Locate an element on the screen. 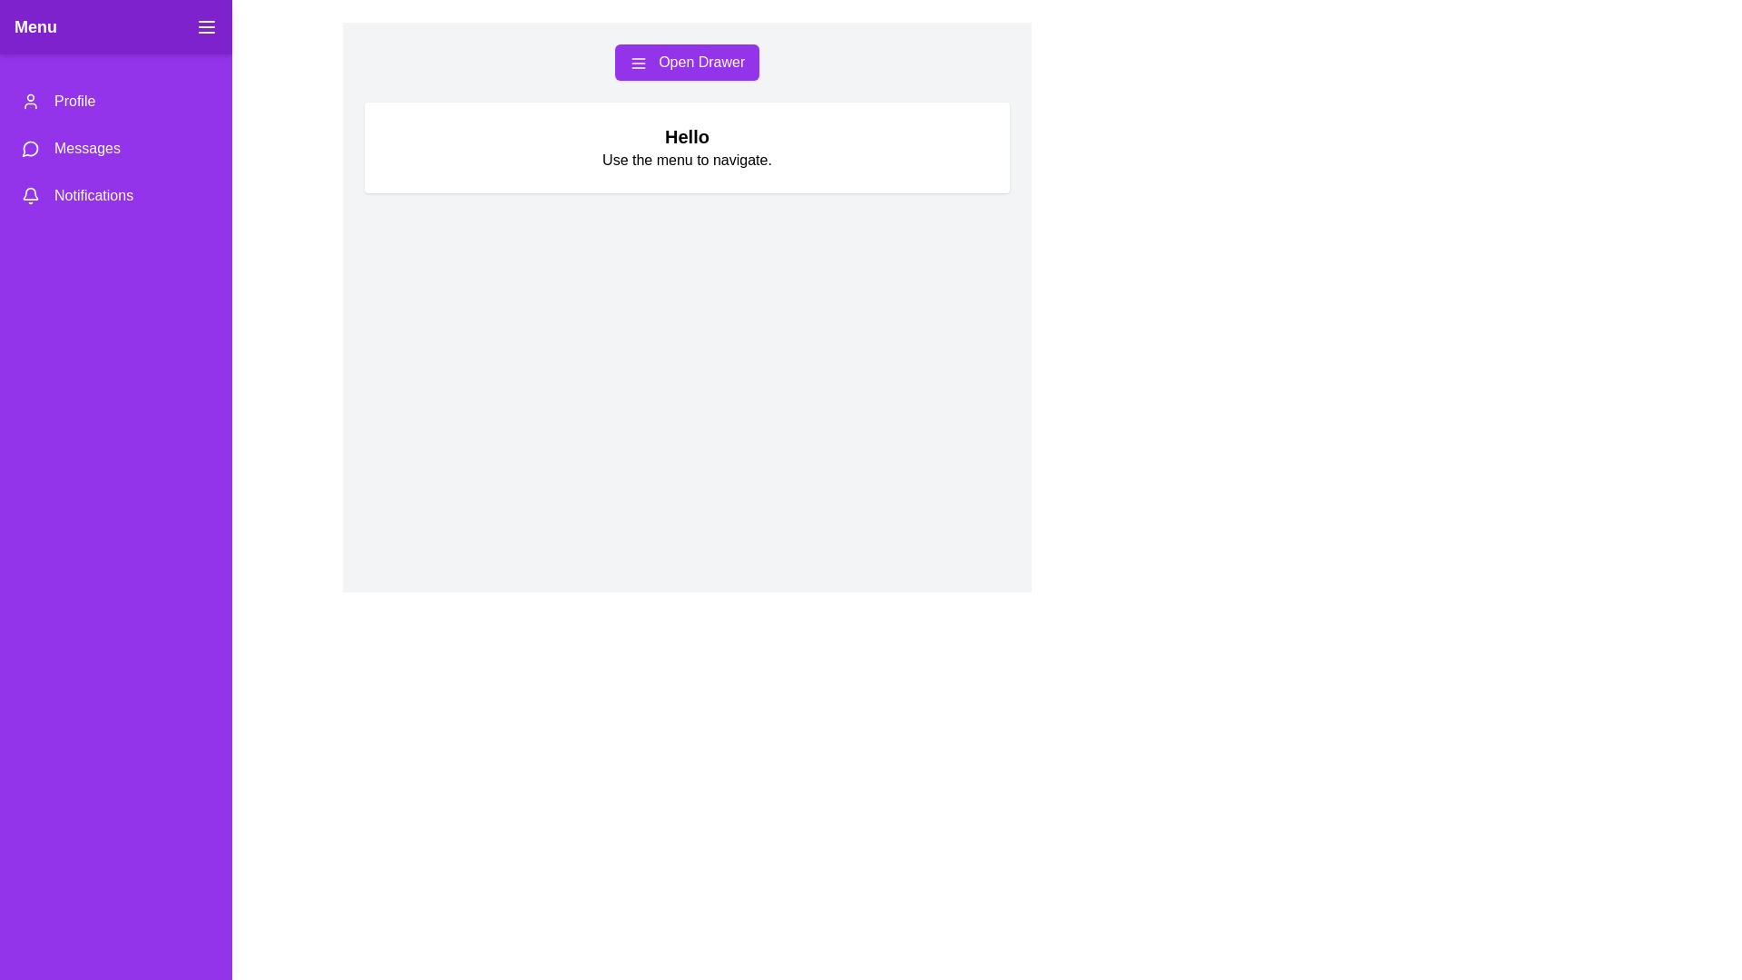  the menu toggle button, which is represented by an icon of three horizontal lines on a purple background, located at the top-right corner of the section containing the 'Menu' text is located at coordinates (206, 27).